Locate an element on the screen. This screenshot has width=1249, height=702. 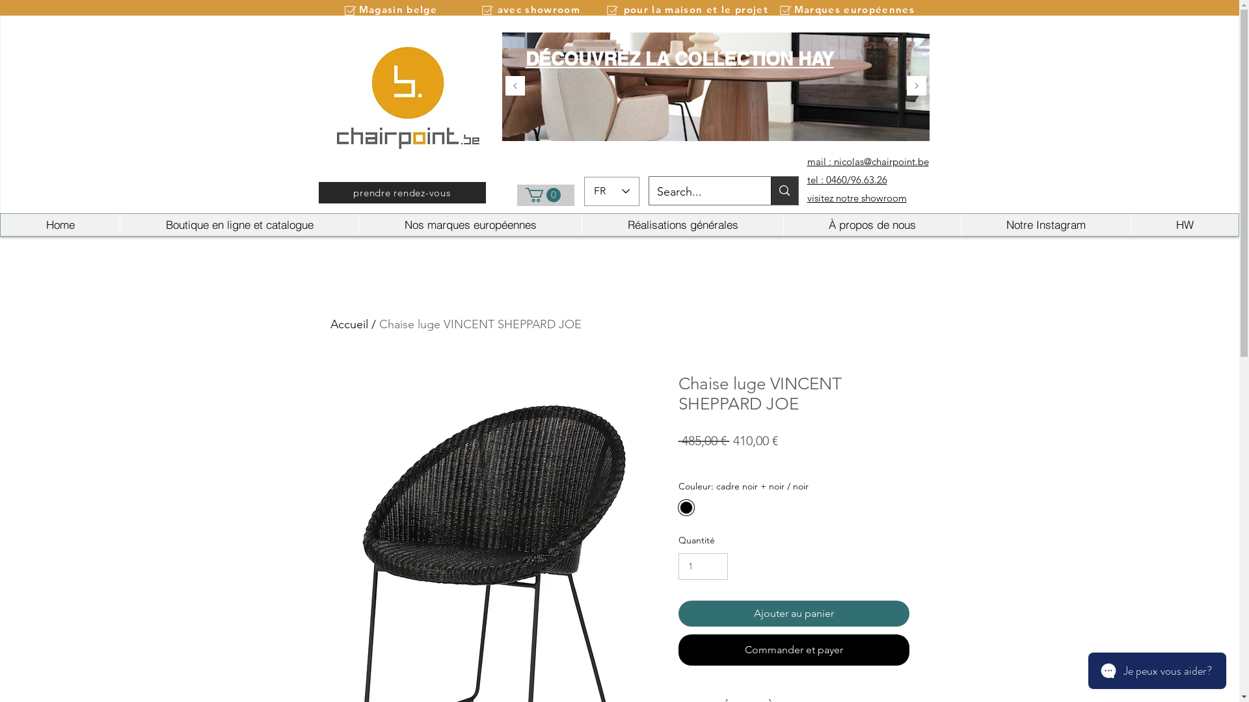
'mail : nicolas@chairpoint.be' is located at coordinates (805, 161).